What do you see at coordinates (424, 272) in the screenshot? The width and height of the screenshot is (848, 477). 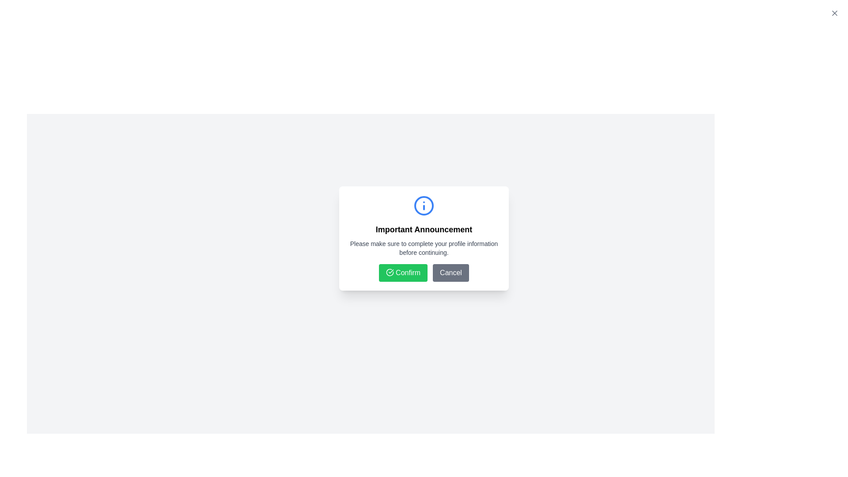 I see `the 'Confirm' button located at the bottom center of the dialog box for the 'Important Announcement' to proceed with the action` at bounding box center [424, 272].